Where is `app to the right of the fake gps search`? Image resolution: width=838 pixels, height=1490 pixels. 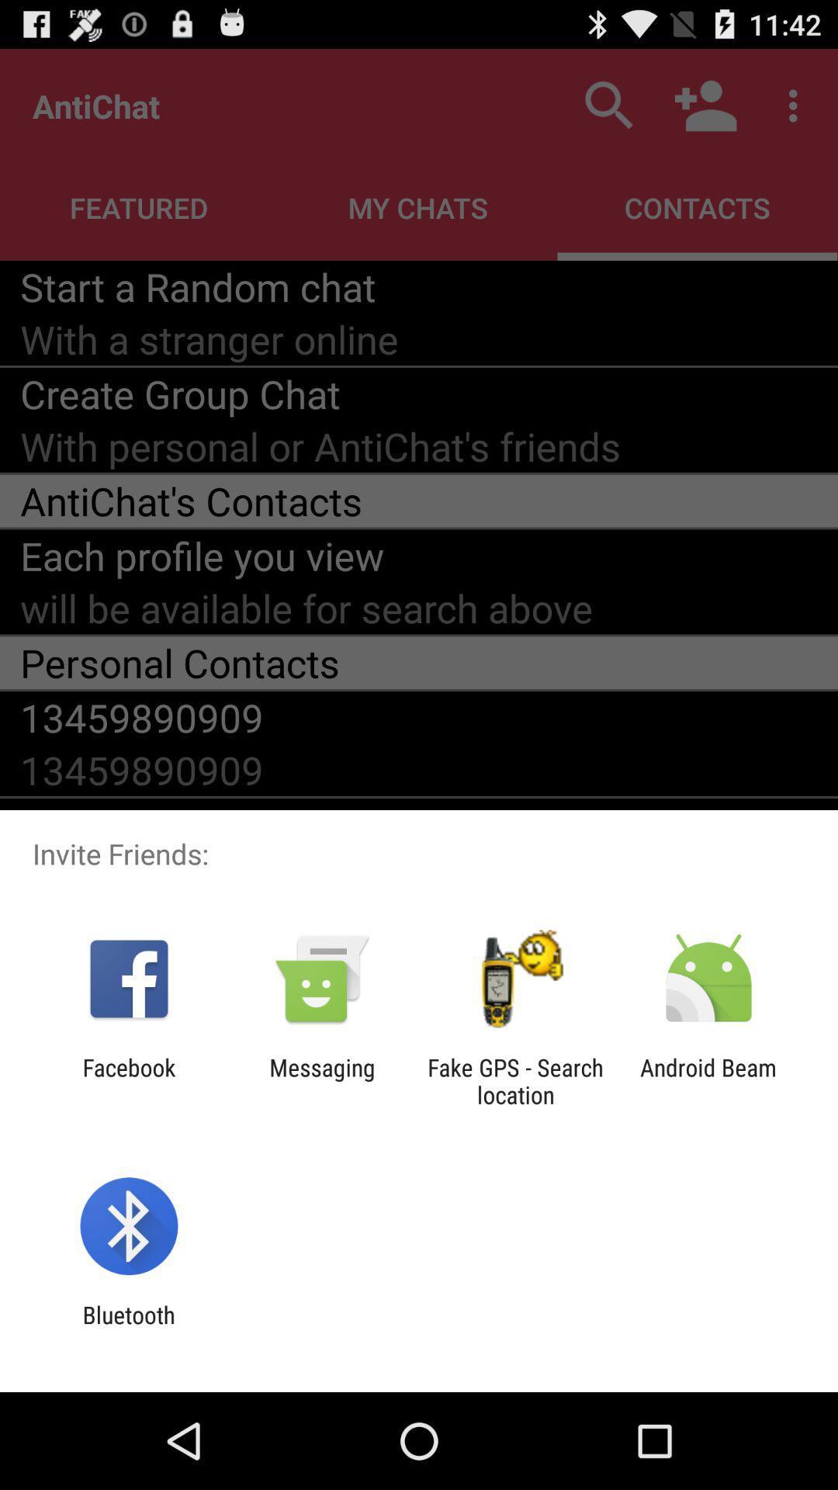 app to the right of the fake gps search is located at coordinates (708, 1080).